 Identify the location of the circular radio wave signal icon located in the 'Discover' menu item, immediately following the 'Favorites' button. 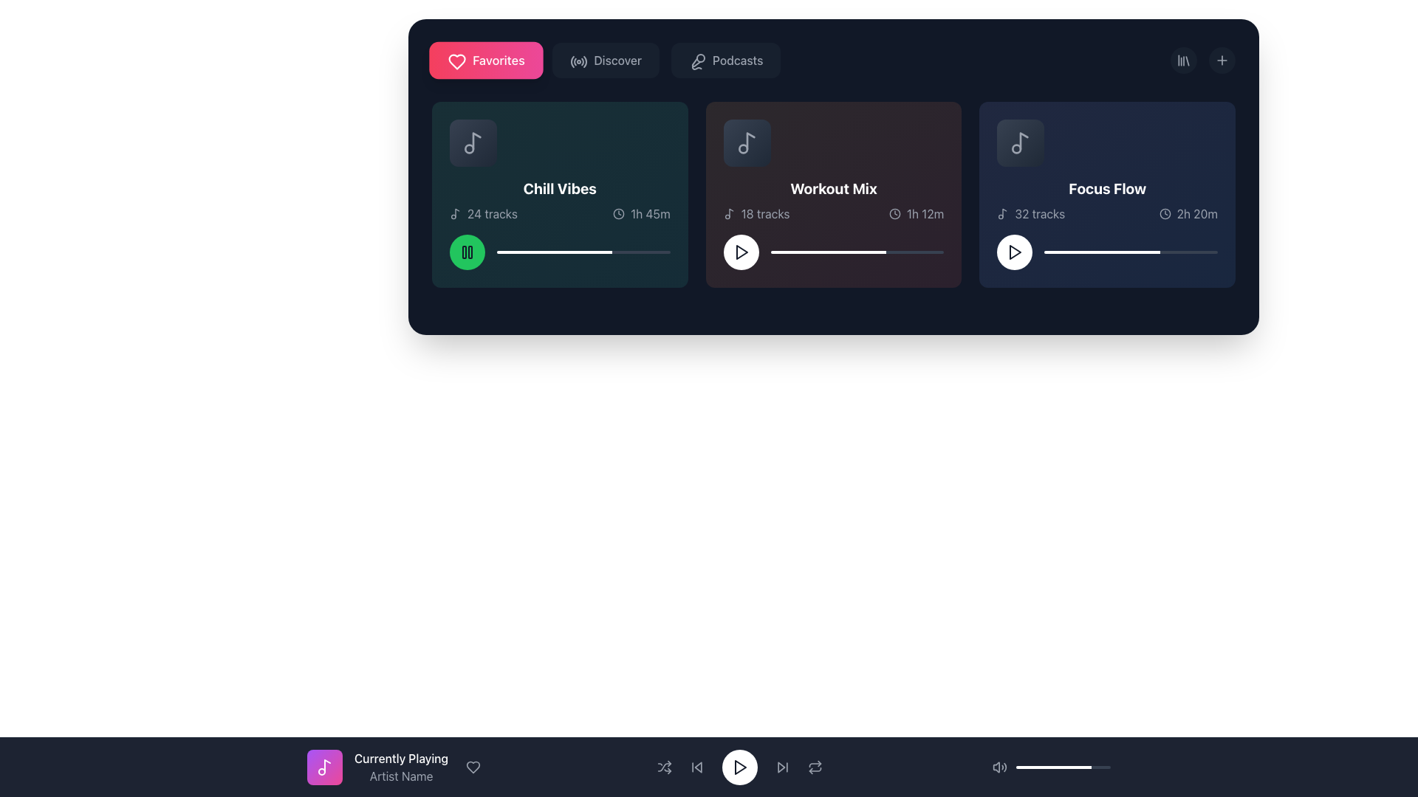
(577, 59).